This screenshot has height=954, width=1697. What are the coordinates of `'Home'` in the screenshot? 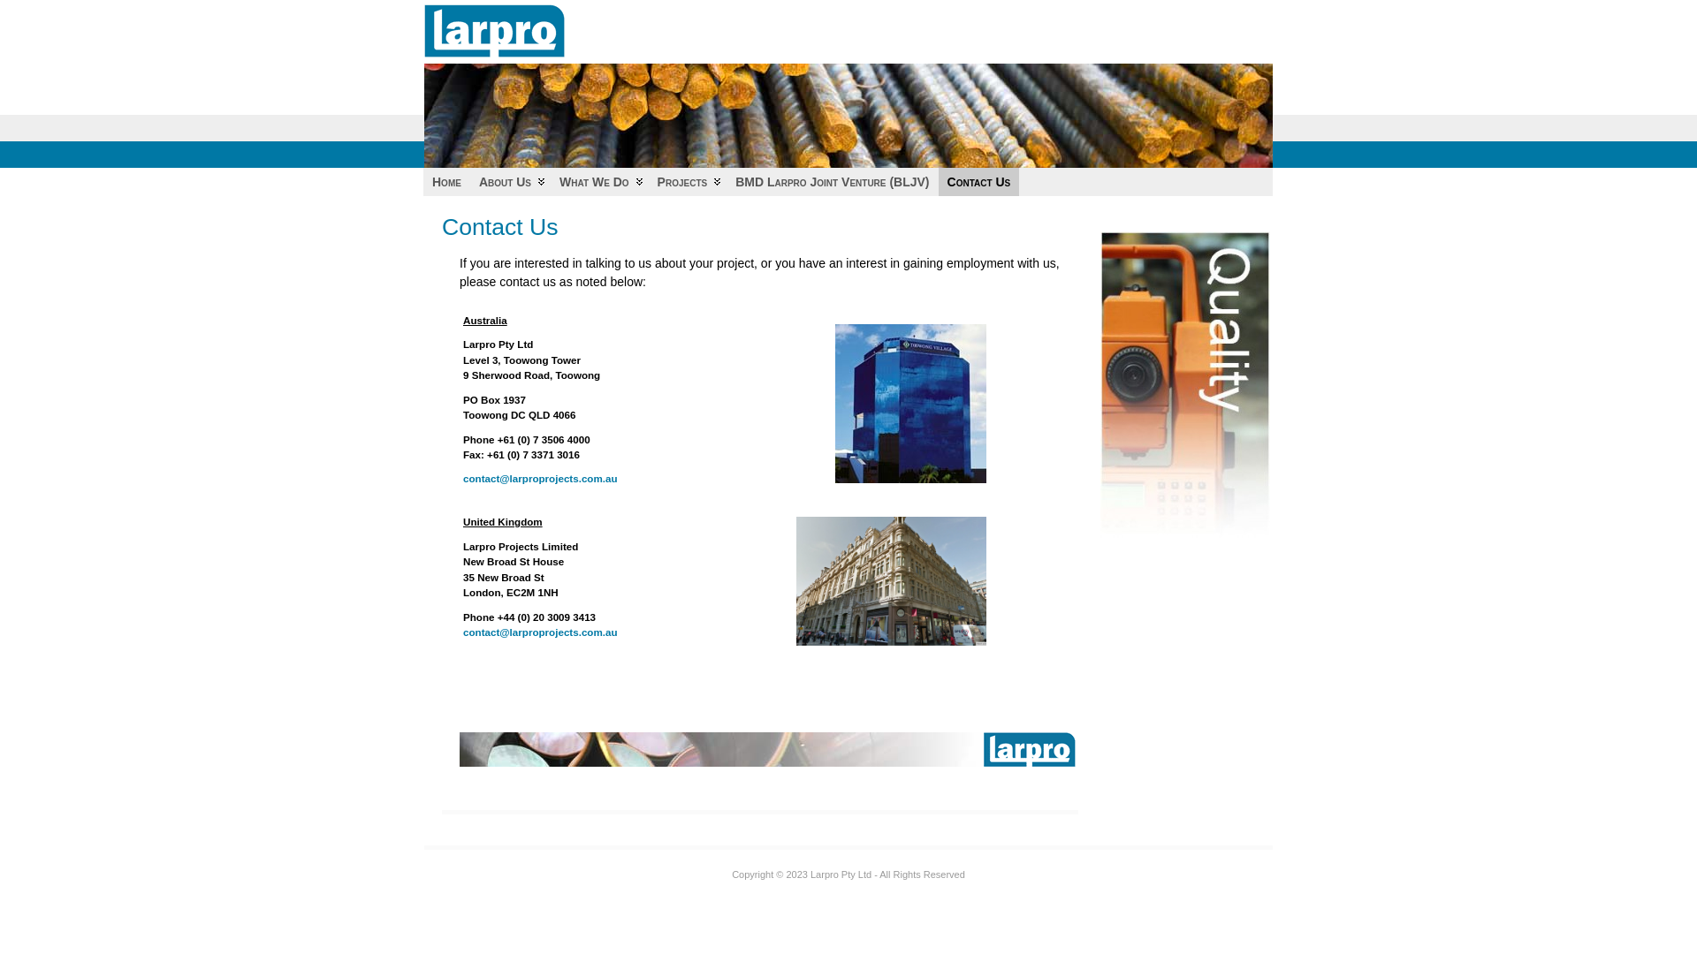 It's located at (422, 181).